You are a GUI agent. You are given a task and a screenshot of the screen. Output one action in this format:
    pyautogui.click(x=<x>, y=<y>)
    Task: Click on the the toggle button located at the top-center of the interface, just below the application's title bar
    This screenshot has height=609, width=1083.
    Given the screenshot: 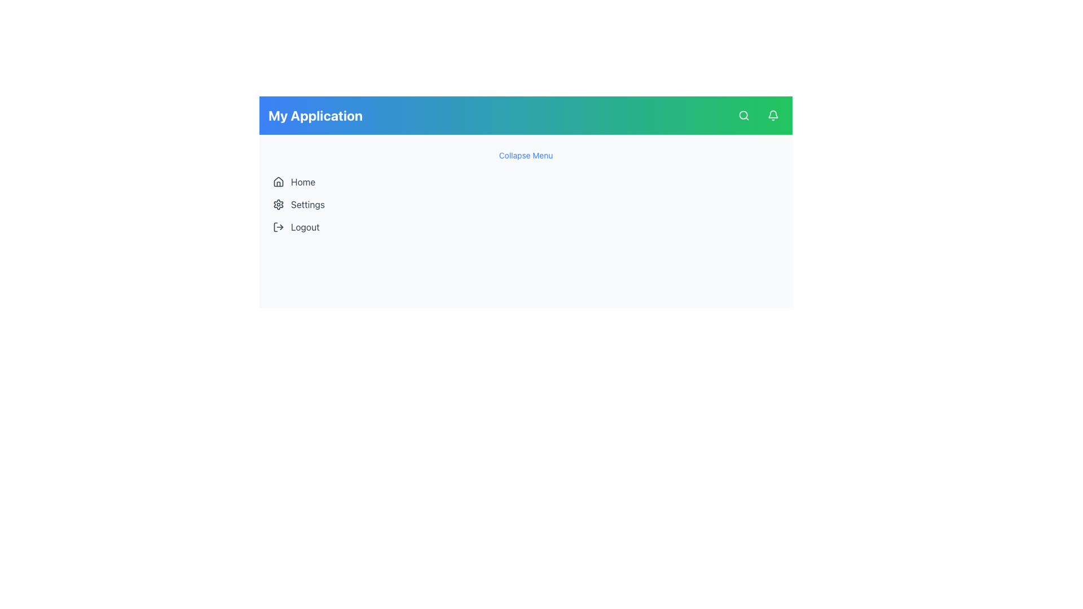 What is the action you would take?
    pyautogui.click(x=525, y=156)
    